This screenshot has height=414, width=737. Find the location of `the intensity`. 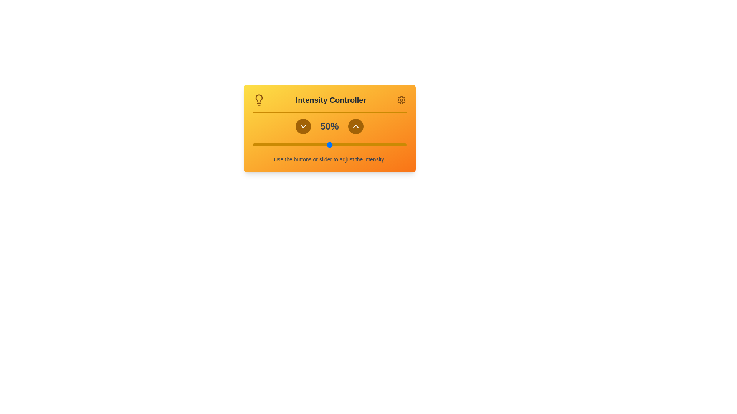

the intensity is located at coordinates (294, 145).